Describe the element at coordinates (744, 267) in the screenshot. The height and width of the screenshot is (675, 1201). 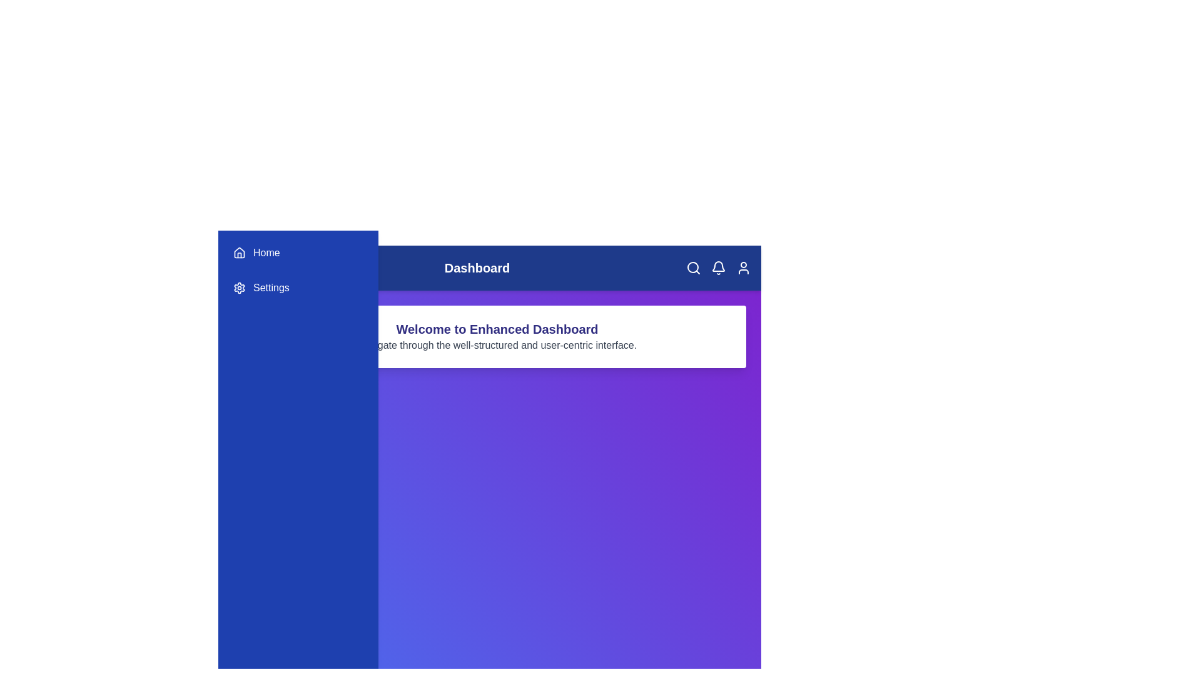
I see `the 'User' icon located in the top right corner of the EnhancedAppBar` at that location.